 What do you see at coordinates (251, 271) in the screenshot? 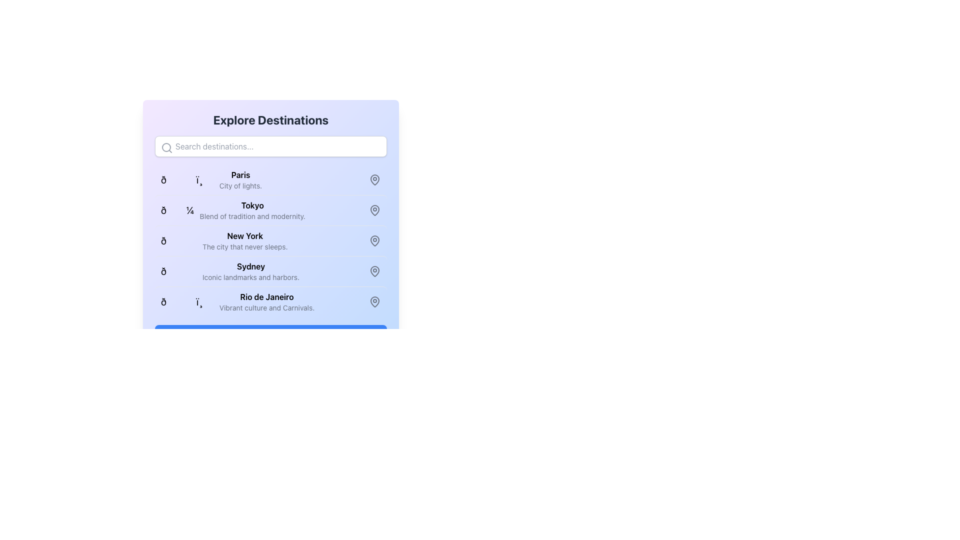
I see `the text element displaying 'Sydney' which provides additional details about the city` at bounding box center [251, 271].